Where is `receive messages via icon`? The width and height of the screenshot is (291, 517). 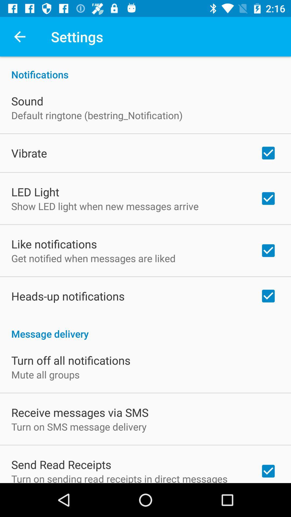
receive messages via icon is located at coordinates (80, 412).